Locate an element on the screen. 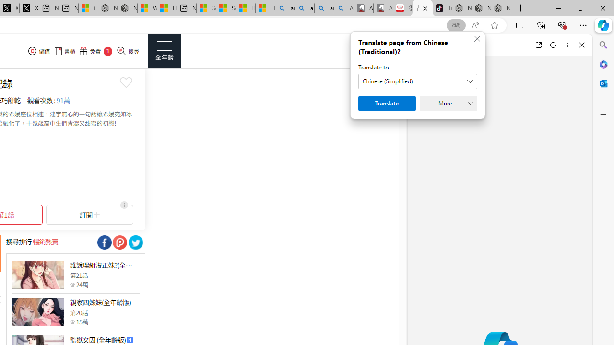 This screenshot has width=614, height=345. 'Translate to' is located at coordinates (418, 80).